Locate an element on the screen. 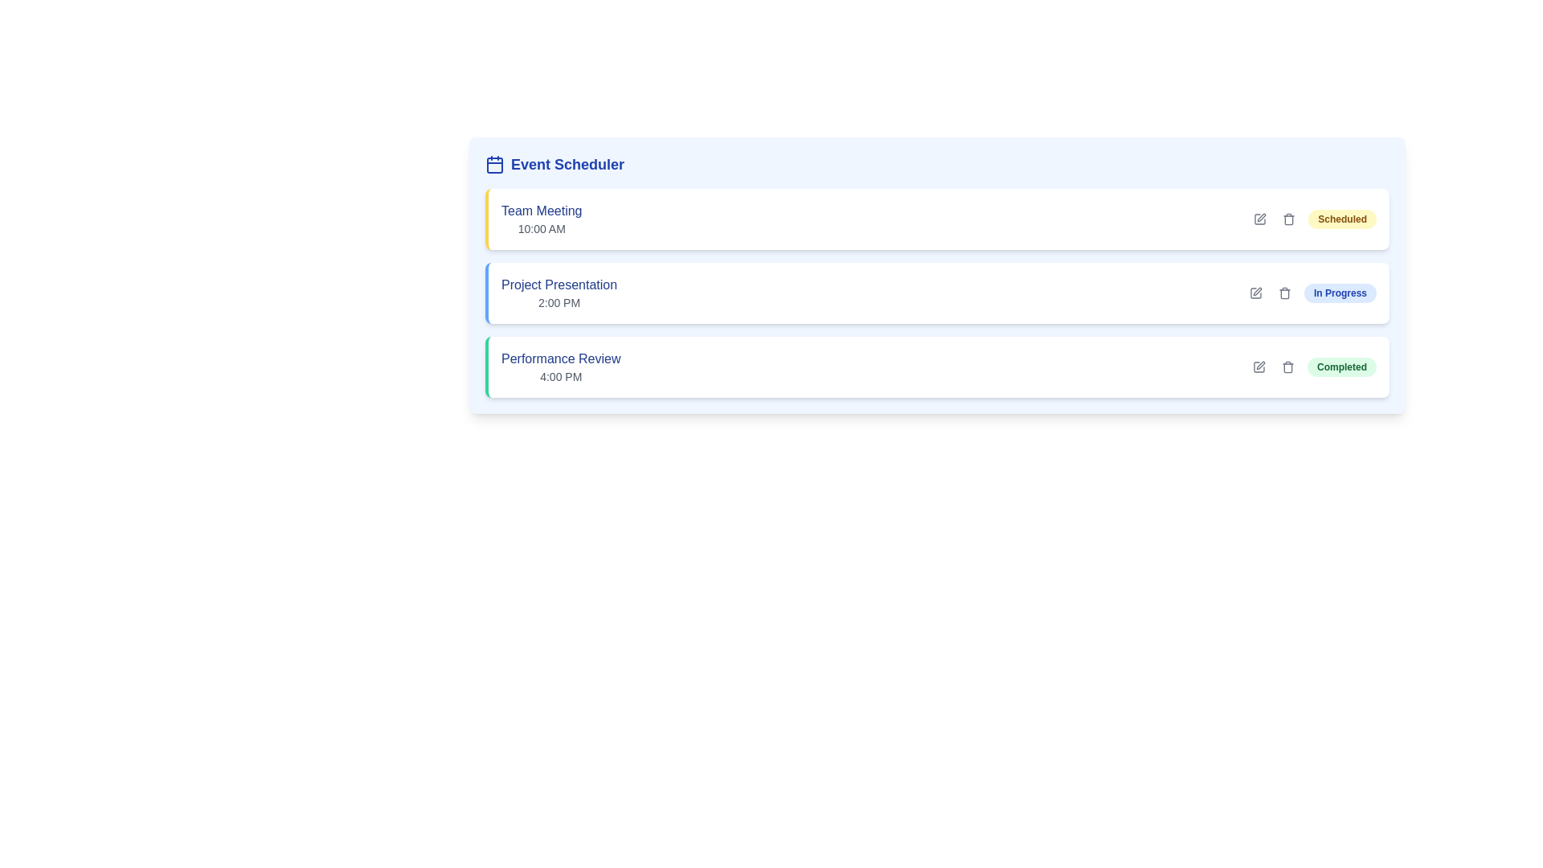 The width and height of the screenshot is (1543, 868). the calendar or scheduling icon located at the leftmost position within the 'Event Scheduler' group is located at coordinates (493, 164).